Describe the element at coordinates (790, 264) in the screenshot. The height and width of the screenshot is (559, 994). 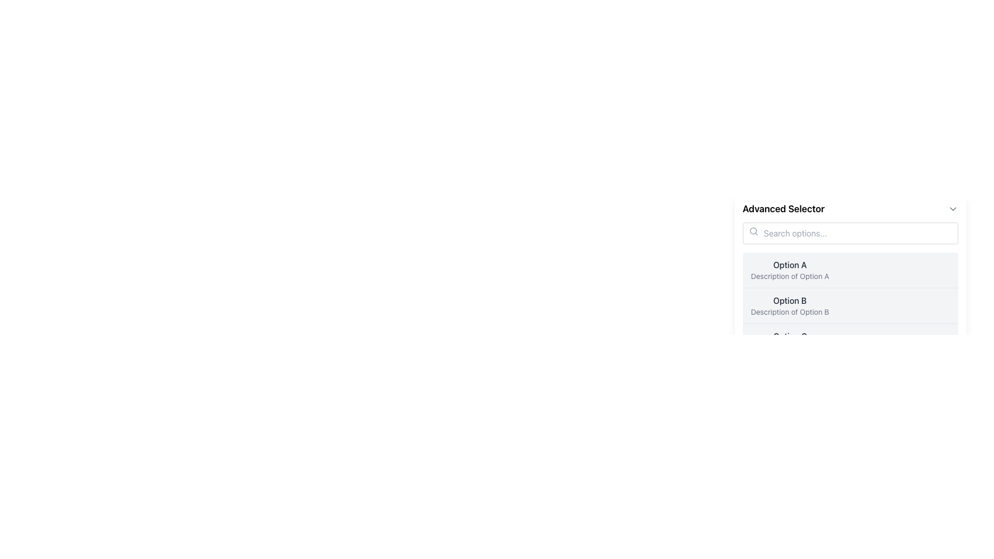
I see `the Text Label that identifies the corresponding option within the 'Advanced Selector' panel, located above the description text 'Description of Option A'` at that location.